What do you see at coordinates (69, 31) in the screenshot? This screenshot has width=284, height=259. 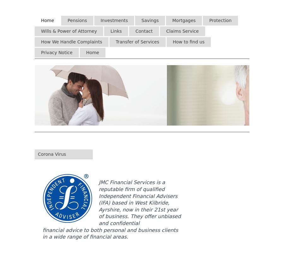 I see `'Wills & Power of Attorney'` at bounding box center [69, 31].